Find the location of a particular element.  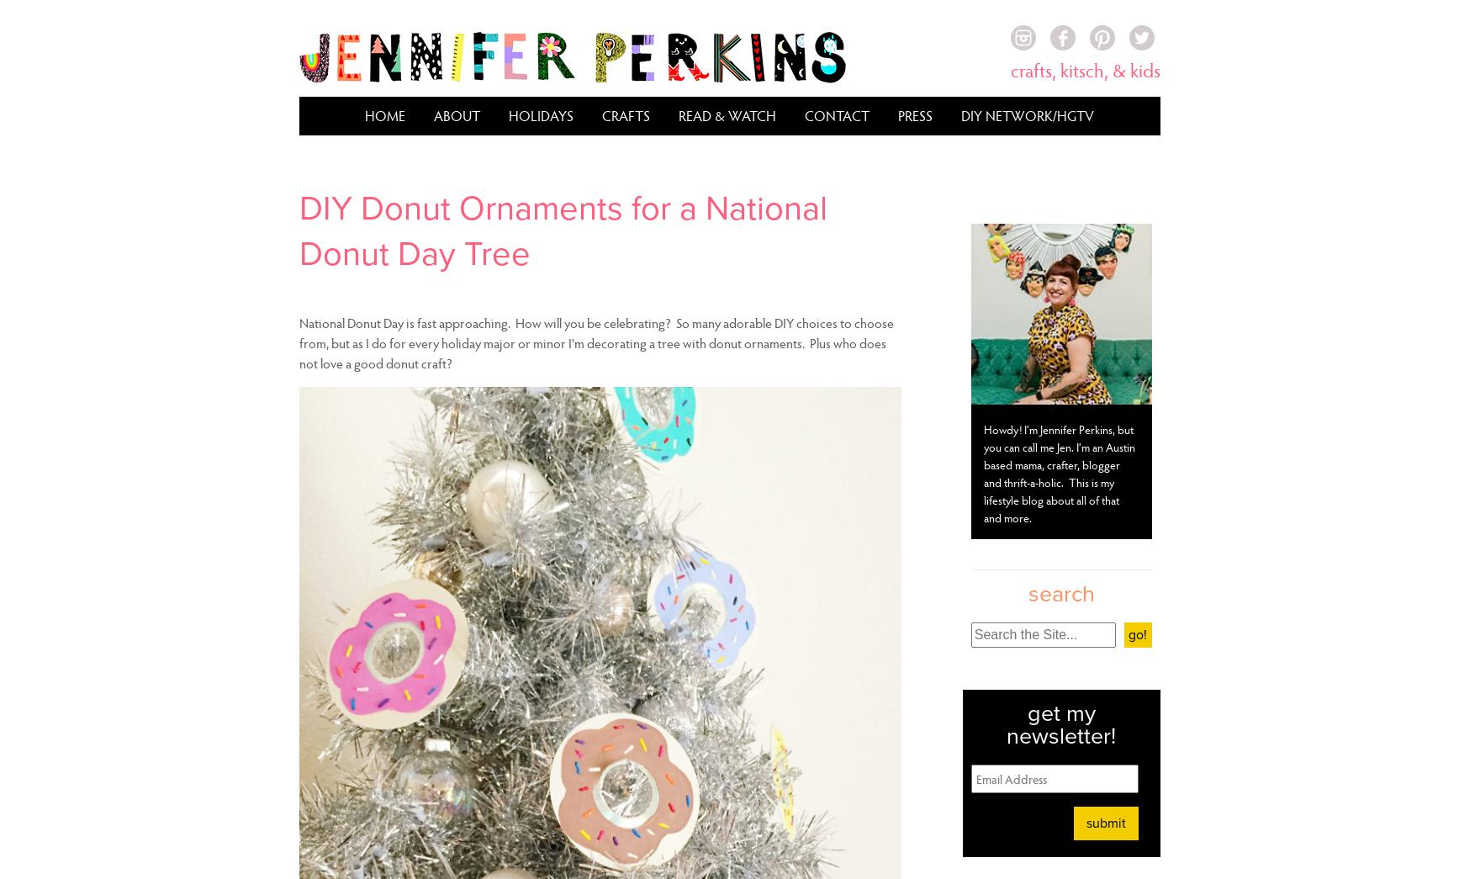

'About' is located at coordinates (433, 114).